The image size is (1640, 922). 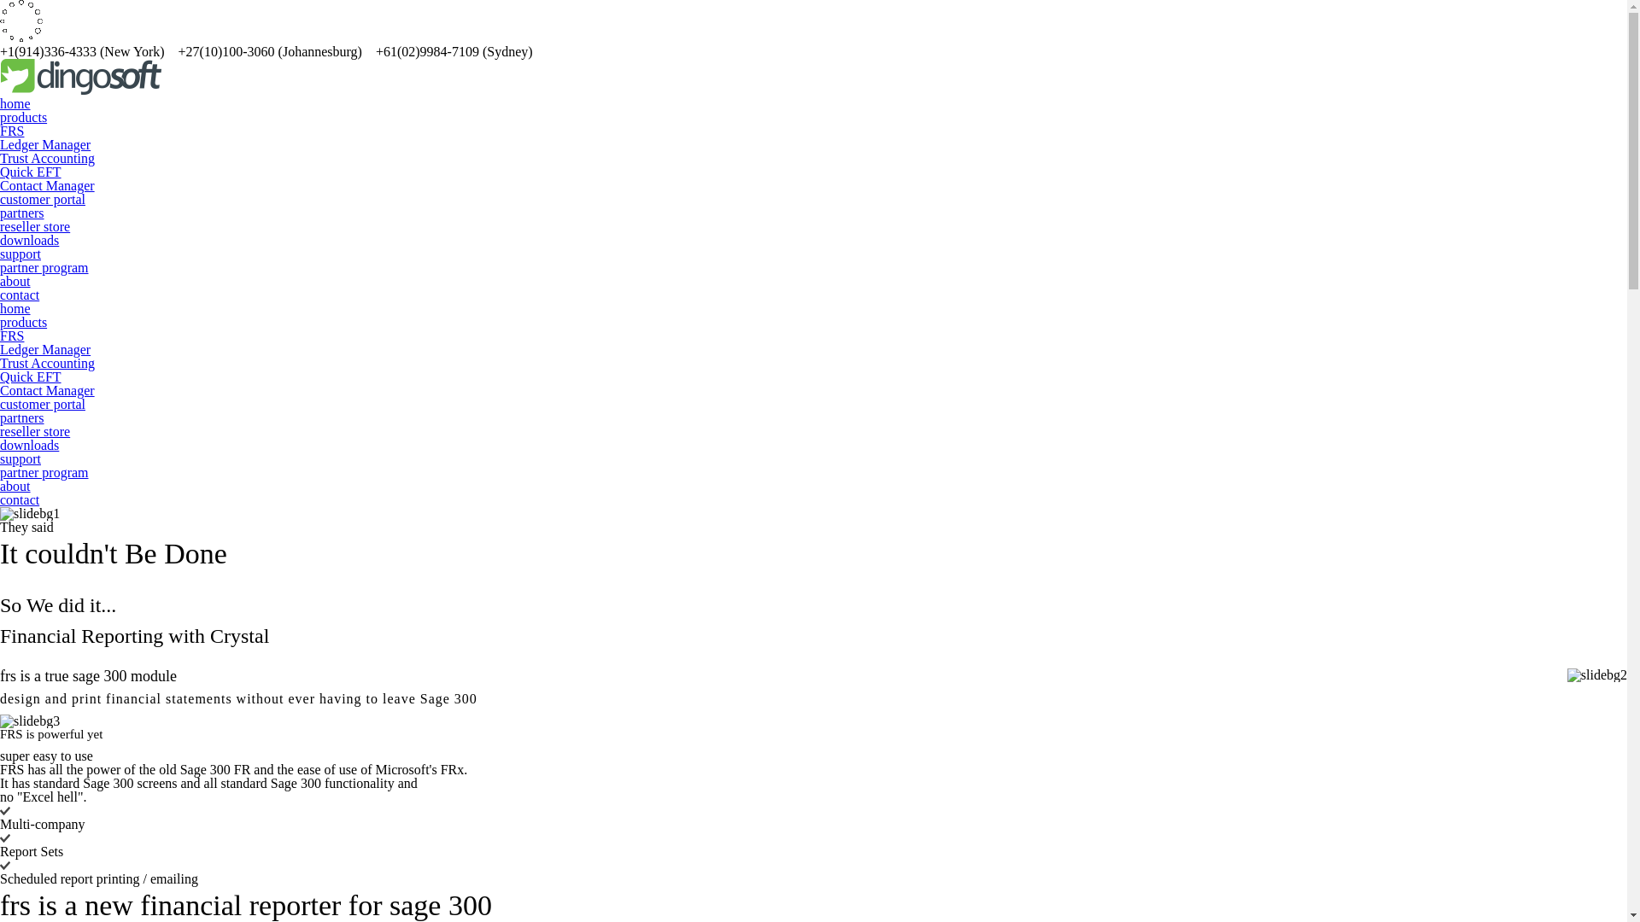 I want to click on 'Contact Manager', so click(x=47, y=390).